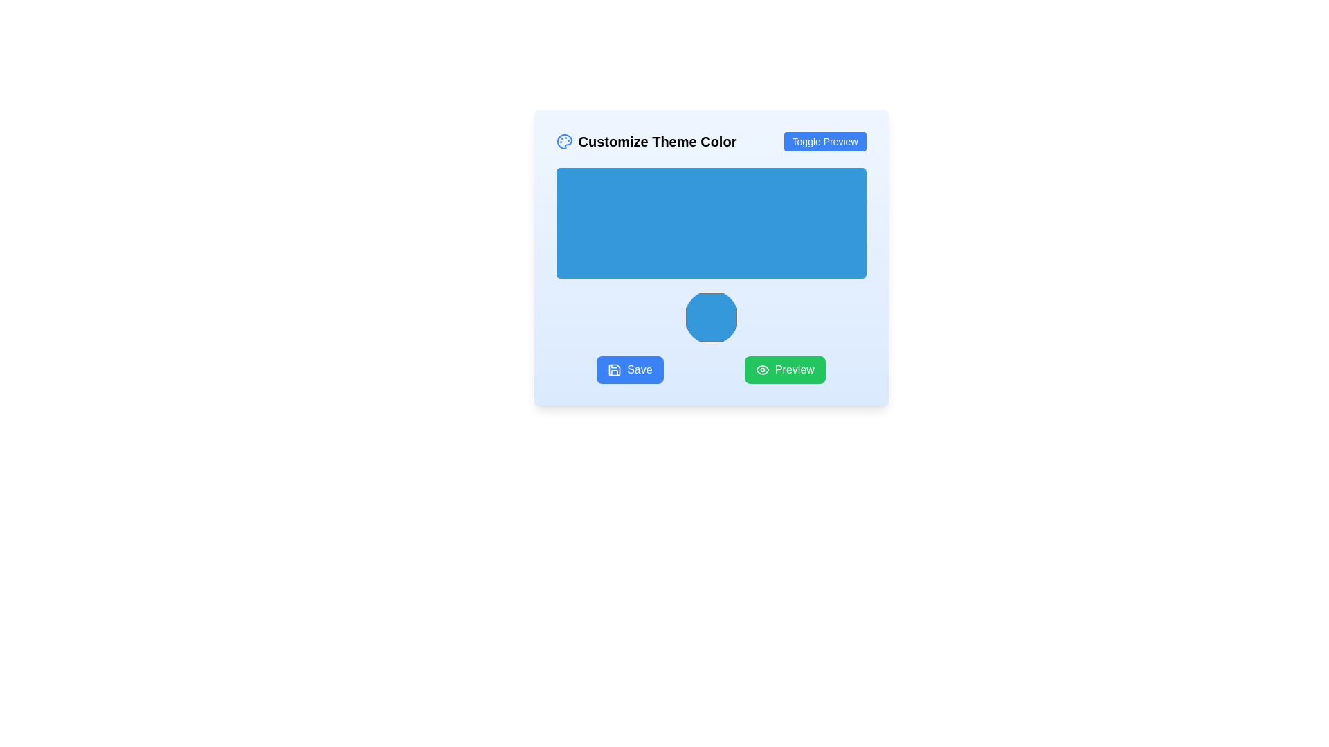 The height and width of the screenshot is (747, 1329). I want to click on the 'Toggle Preview' button, which has a blue background and white text, so click(824, 141).